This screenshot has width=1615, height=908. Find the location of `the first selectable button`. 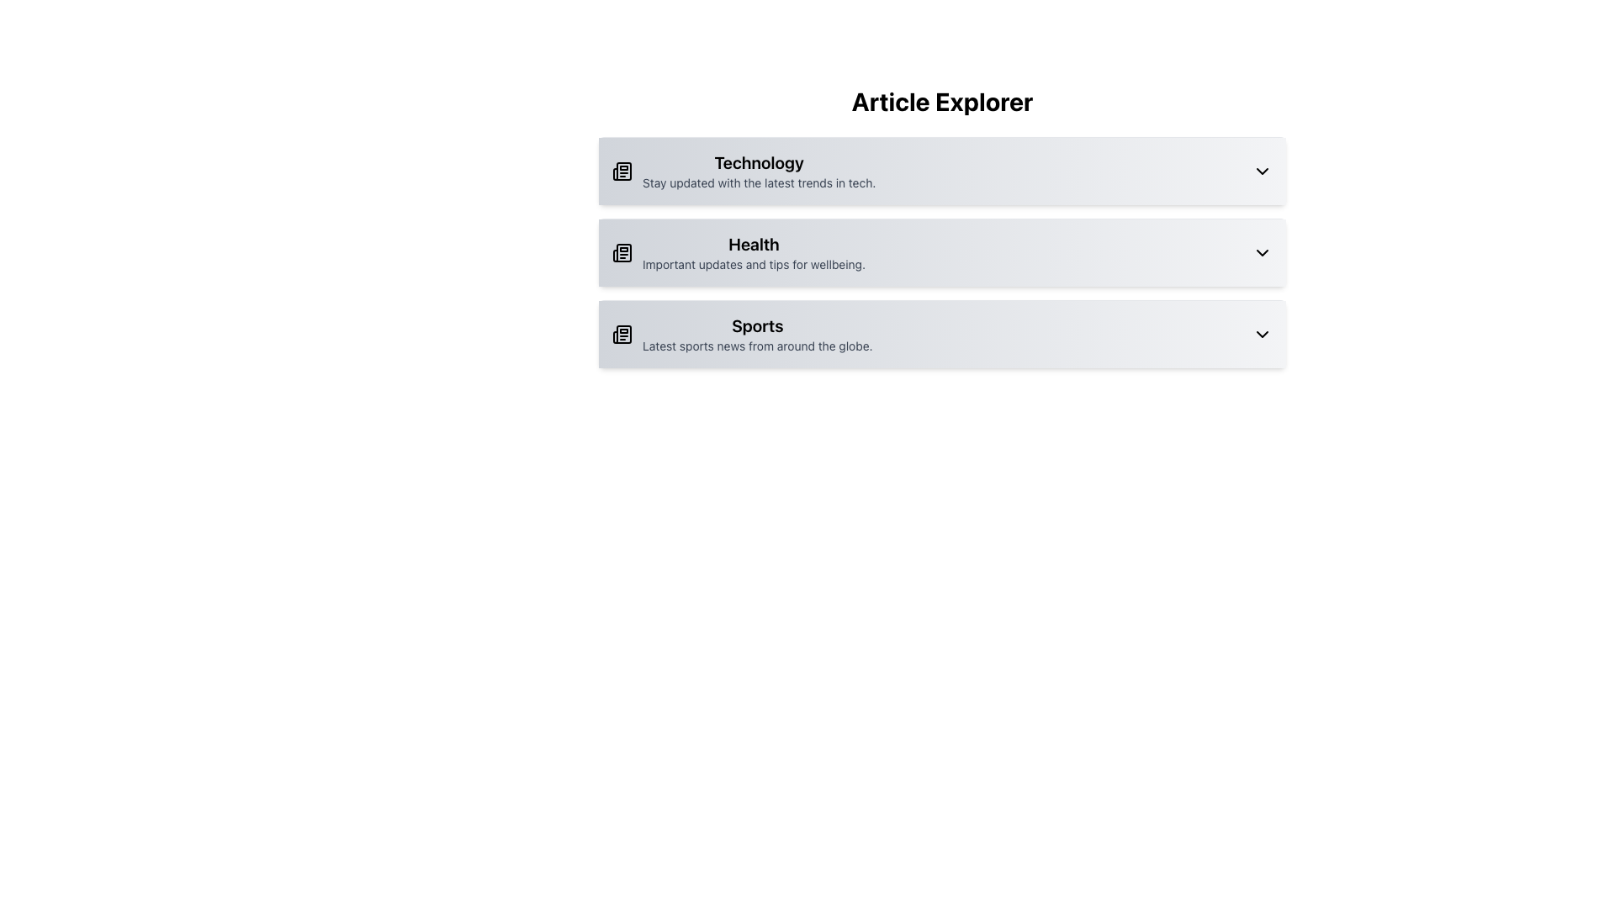

the first selectable button is located at coordinates (942, 172).